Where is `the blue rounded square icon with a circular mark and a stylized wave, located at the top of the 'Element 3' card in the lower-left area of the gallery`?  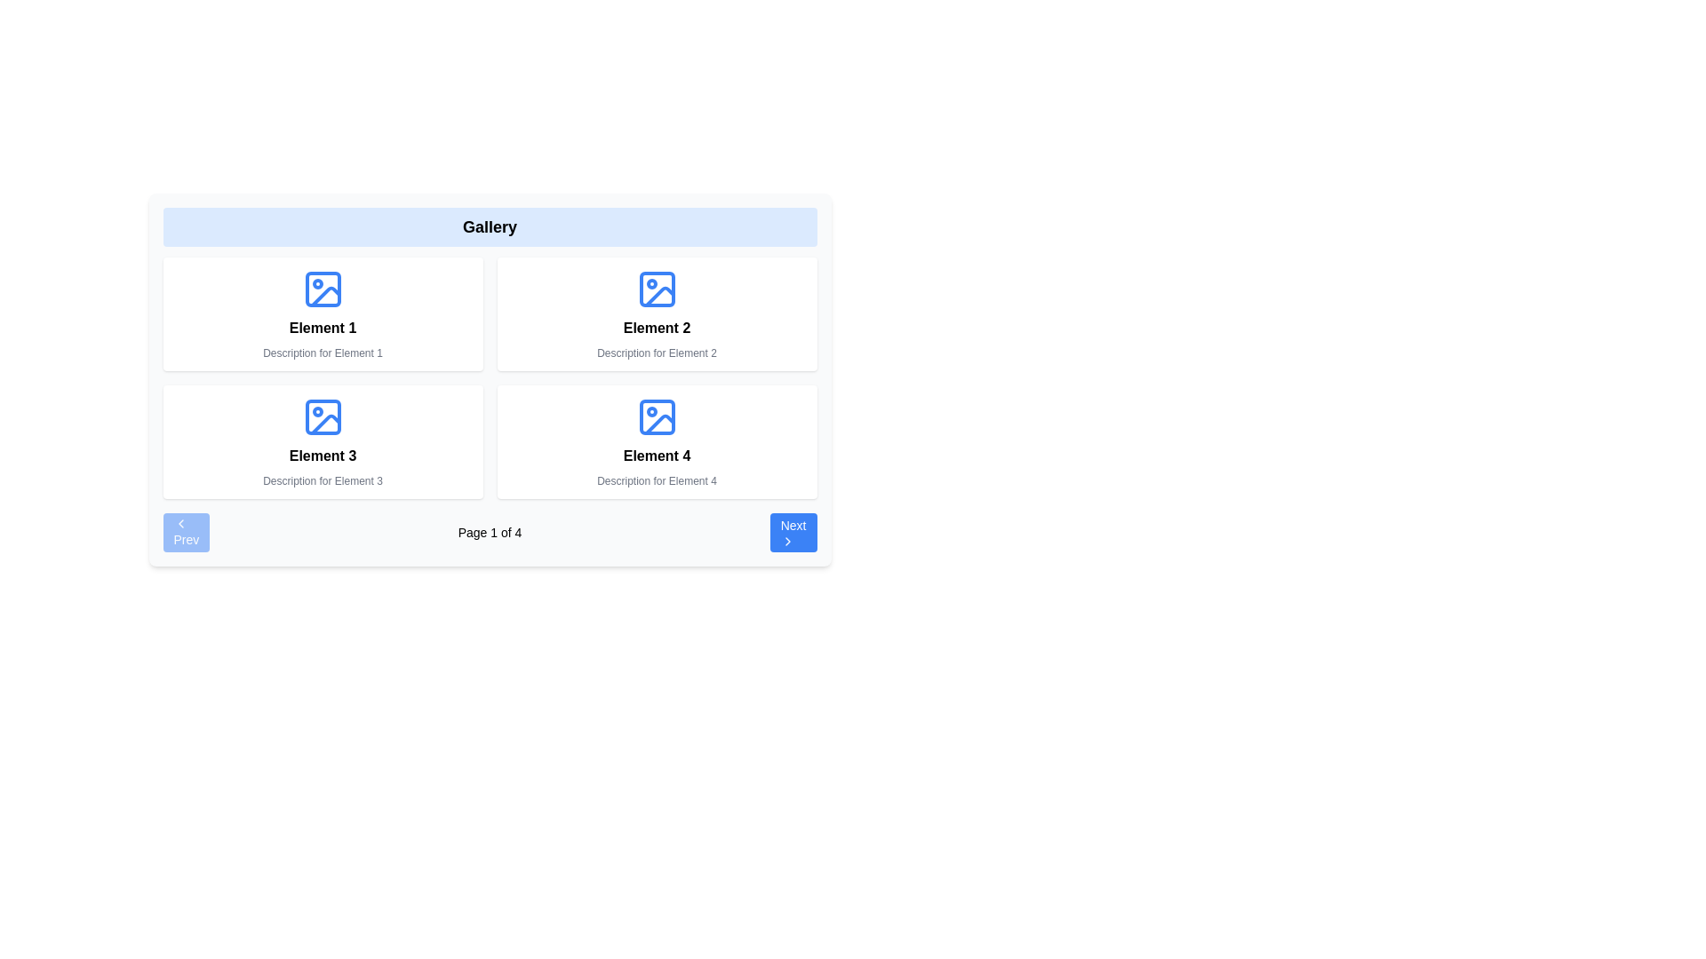 the blue rounded square icon with a circular mark and a stylized wave, located at the top of the 'Element 3' card in the lower-left area of the gallery is located at coordinates (323, 417).